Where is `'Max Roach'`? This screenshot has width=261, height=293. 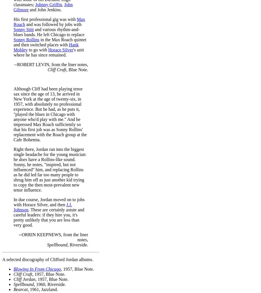 'Max Roach' is located at coordinates (49, 21).